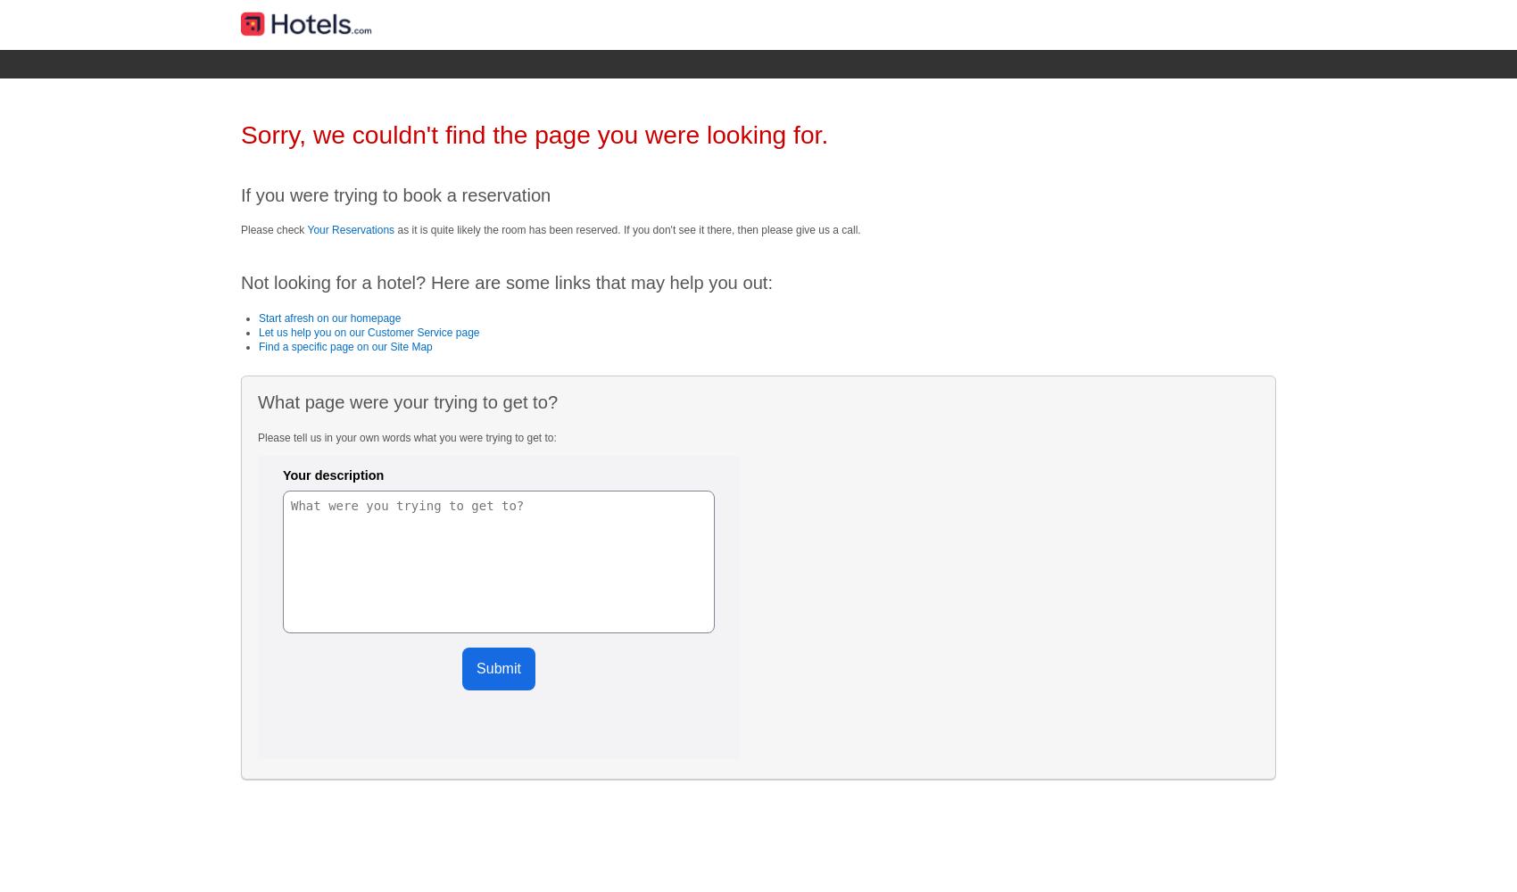 The height and width of the screenshot is (892, 1517). Describe the element at coordinates (328, 317) in the screenshot. I see `'Start afresh on our homepage'` at that location.